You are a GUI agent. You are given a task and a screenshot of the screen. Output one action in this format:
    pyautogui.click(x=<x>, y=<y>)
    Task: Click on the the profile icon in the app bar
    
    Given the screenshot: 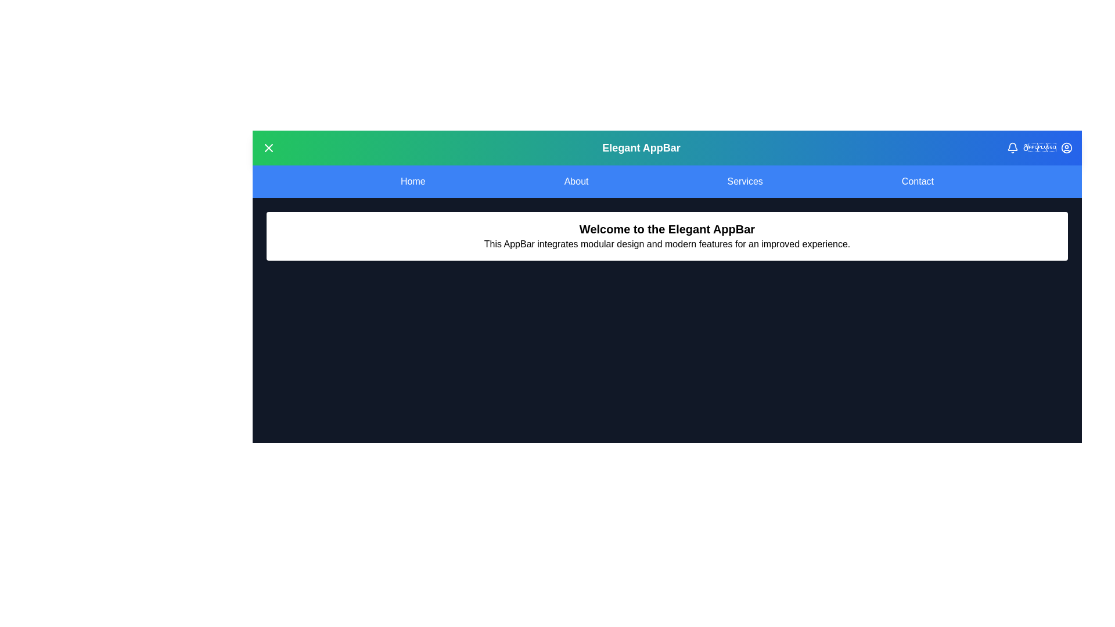 What is the action you would take?
    pyautogui.click(x=1066, y=147)
    